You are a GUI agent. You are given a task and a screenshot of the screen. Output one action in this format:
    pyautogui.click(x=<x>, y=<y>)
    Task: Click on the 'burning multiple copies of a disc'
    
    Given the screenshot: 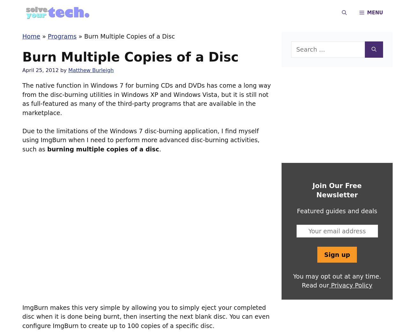 What is the action you would take?
    pyautogui.click(x=47, y=148)
    